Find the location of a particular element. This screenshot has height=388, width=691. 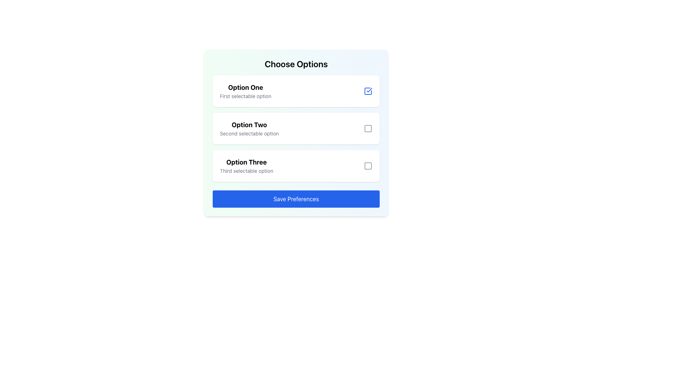

the interactive checkbox for the 'Option Two' selection, which is positioned to the right of its text content is located at coordinates (368, 128).